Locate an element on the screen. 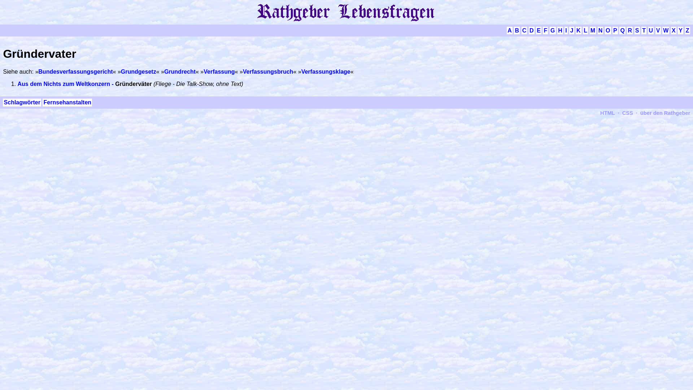 The image size is (693, 390). 'Y' is located at coordinates (680, 30).